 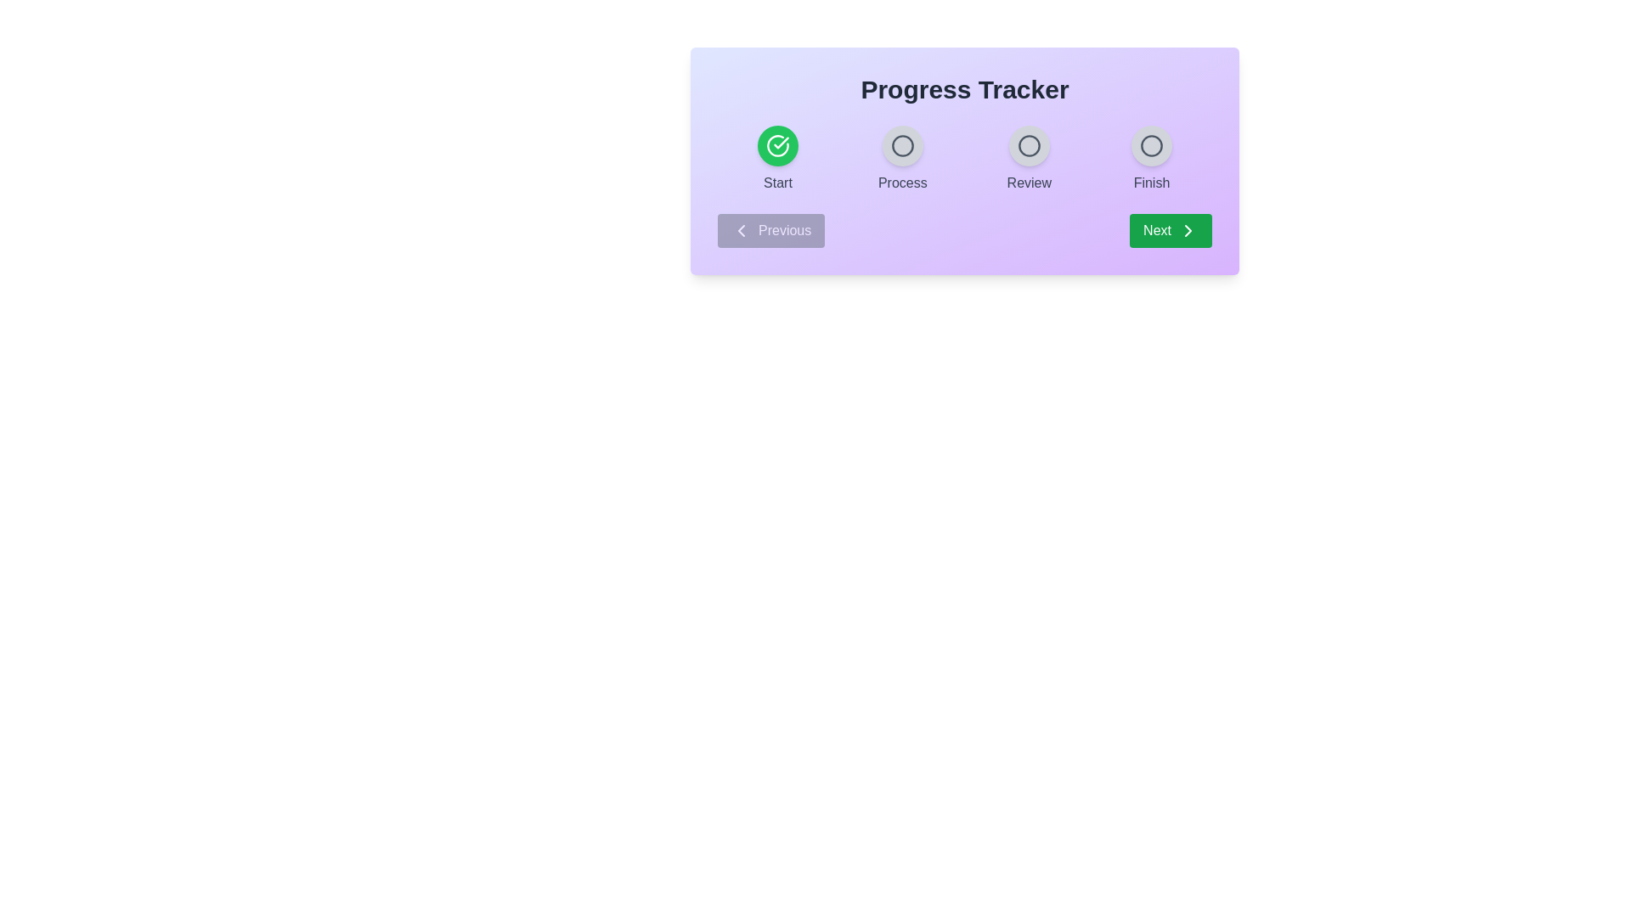 I want to click on the chevron icon located to the left of the 'Previous' button in the bottom-left corner of the tracker interface, so click(x=742, y=231).